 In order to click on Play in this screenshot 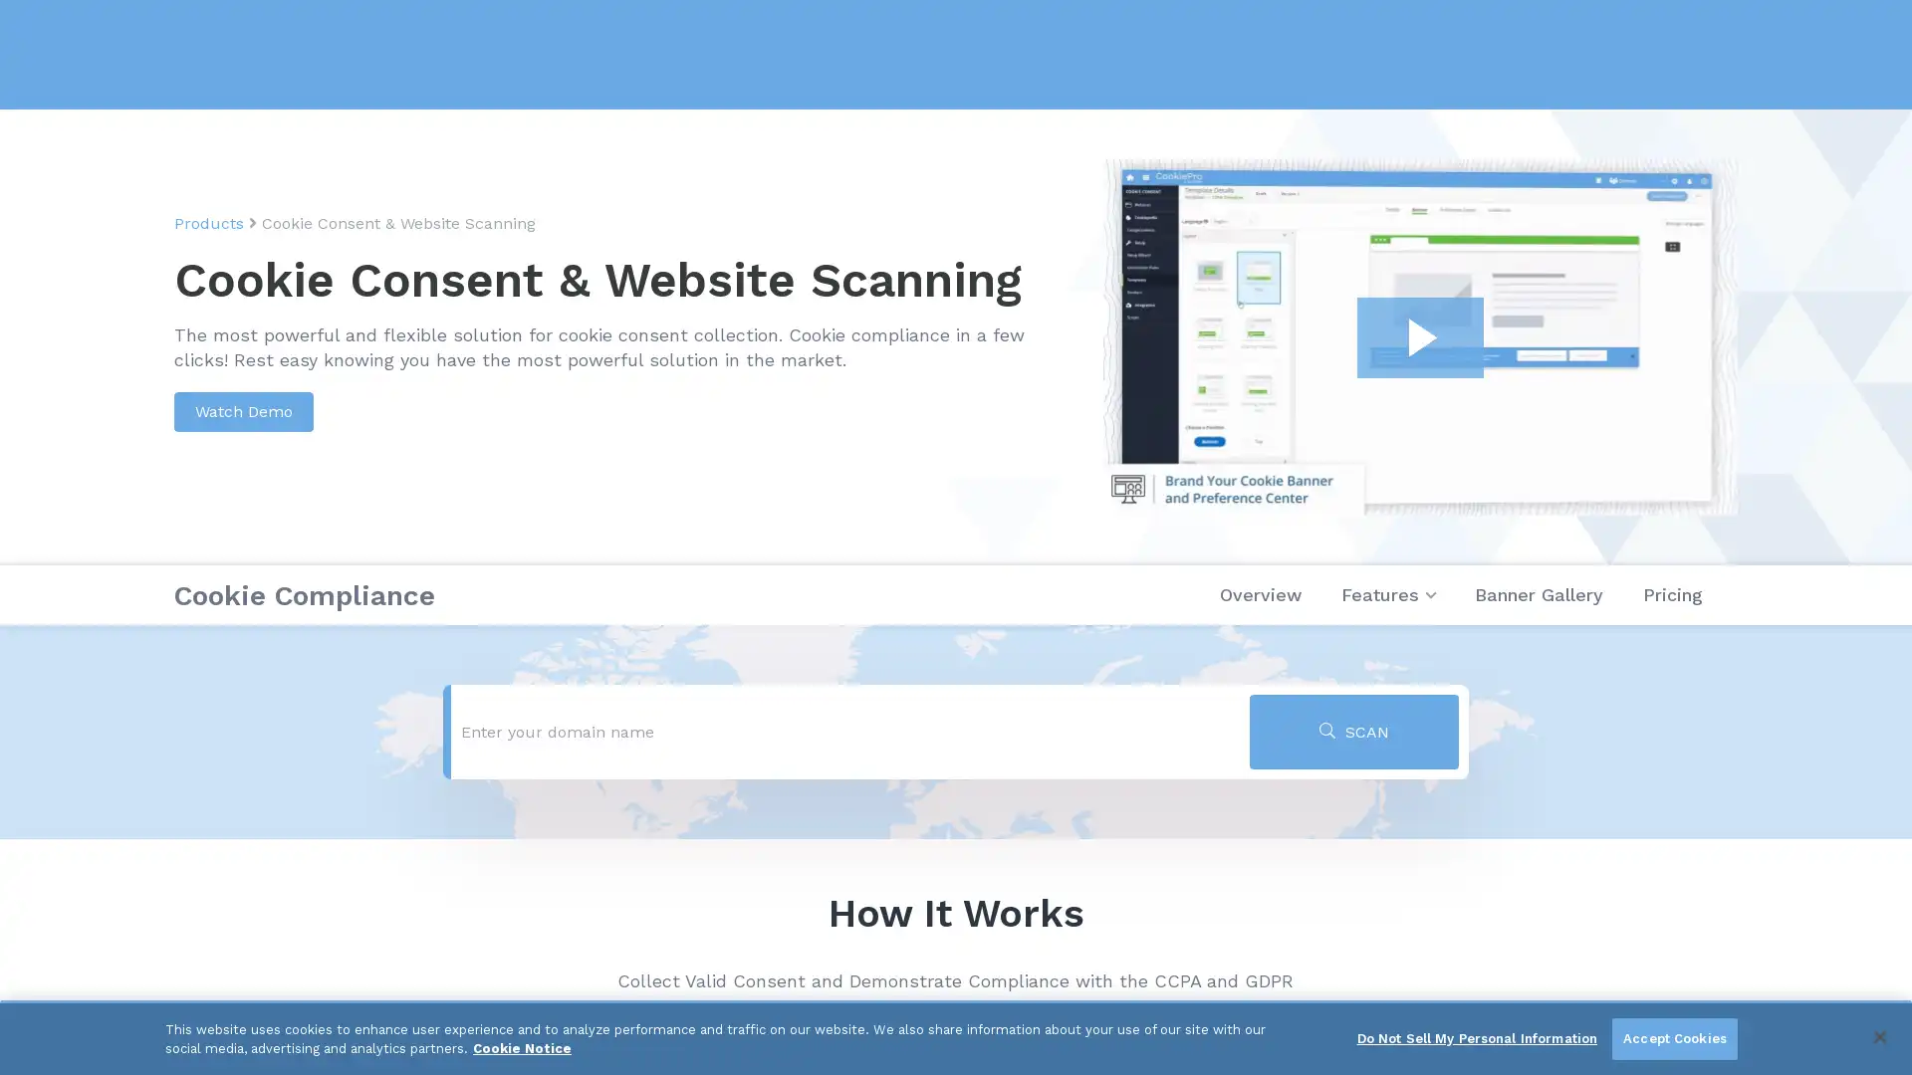, I will do `click(1419, 336)`.